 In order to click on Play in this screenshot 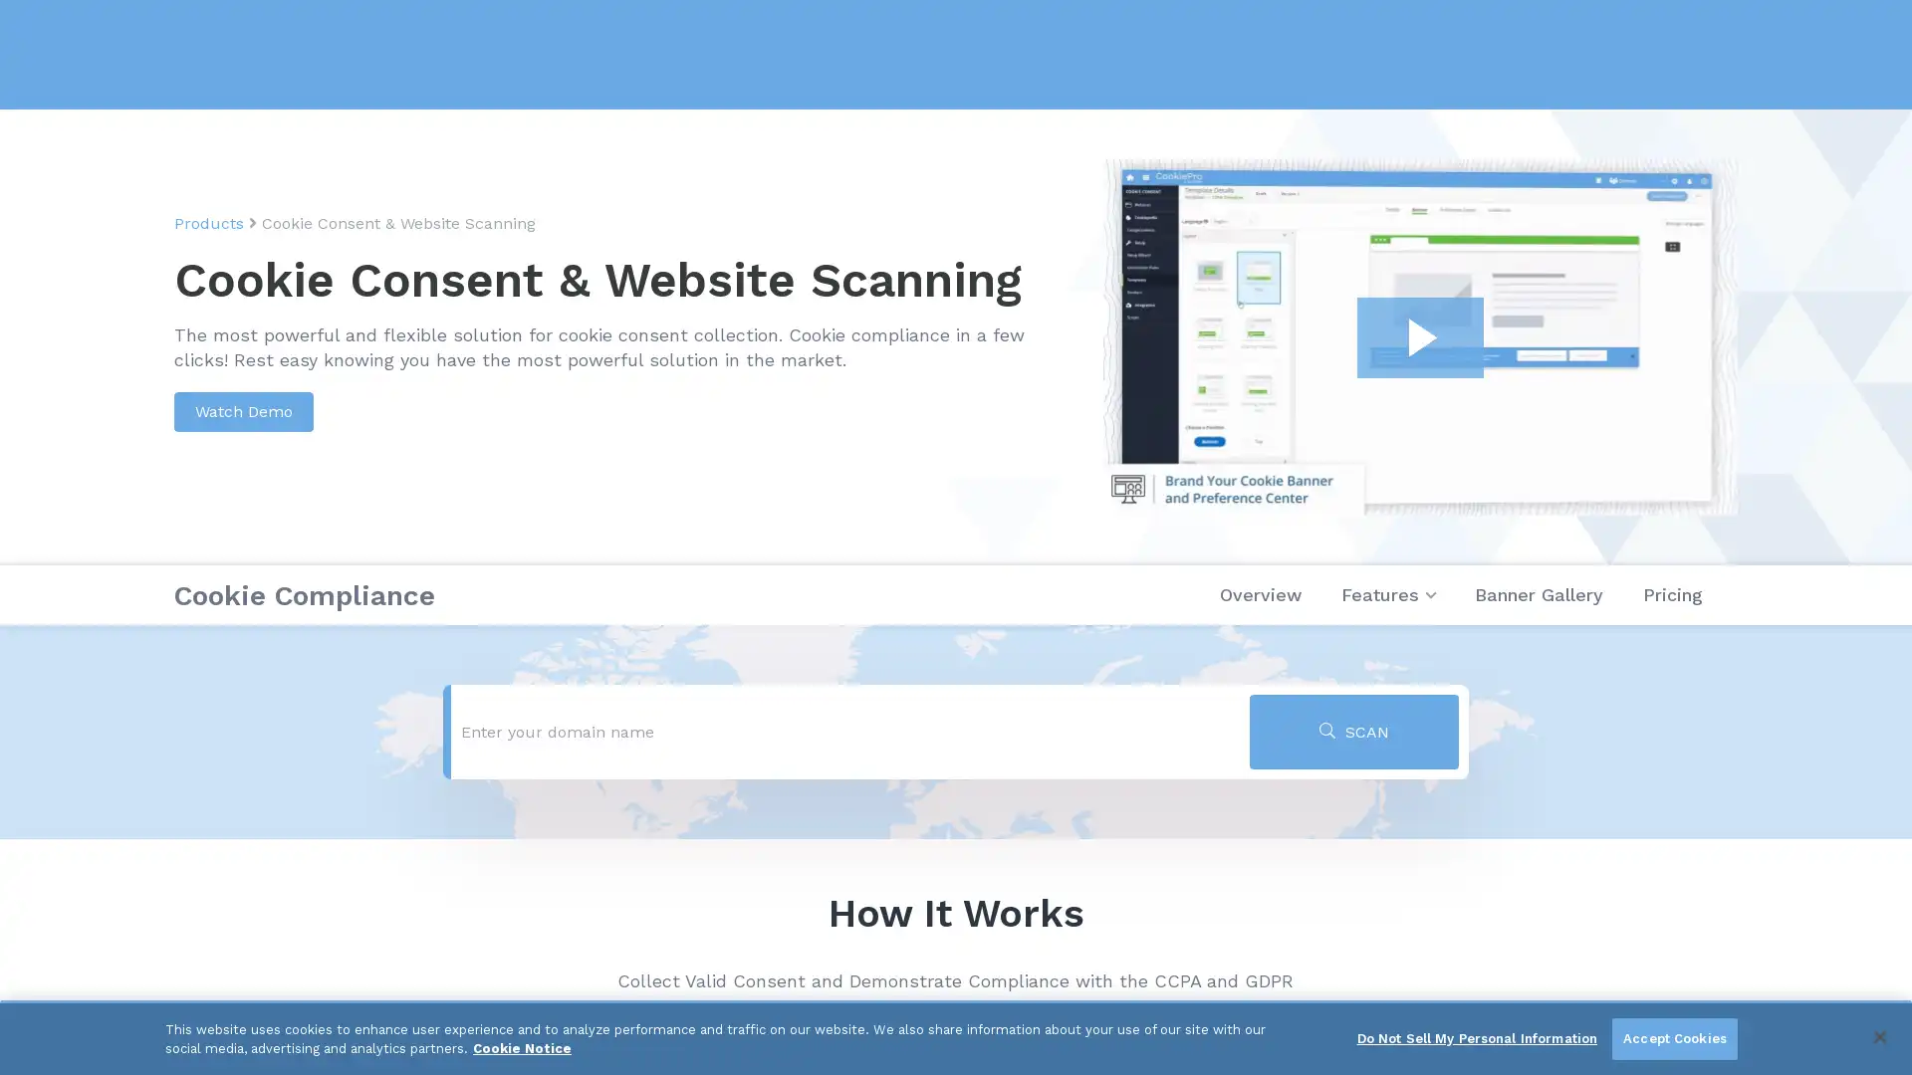, I will do `click(1419, 336)`.